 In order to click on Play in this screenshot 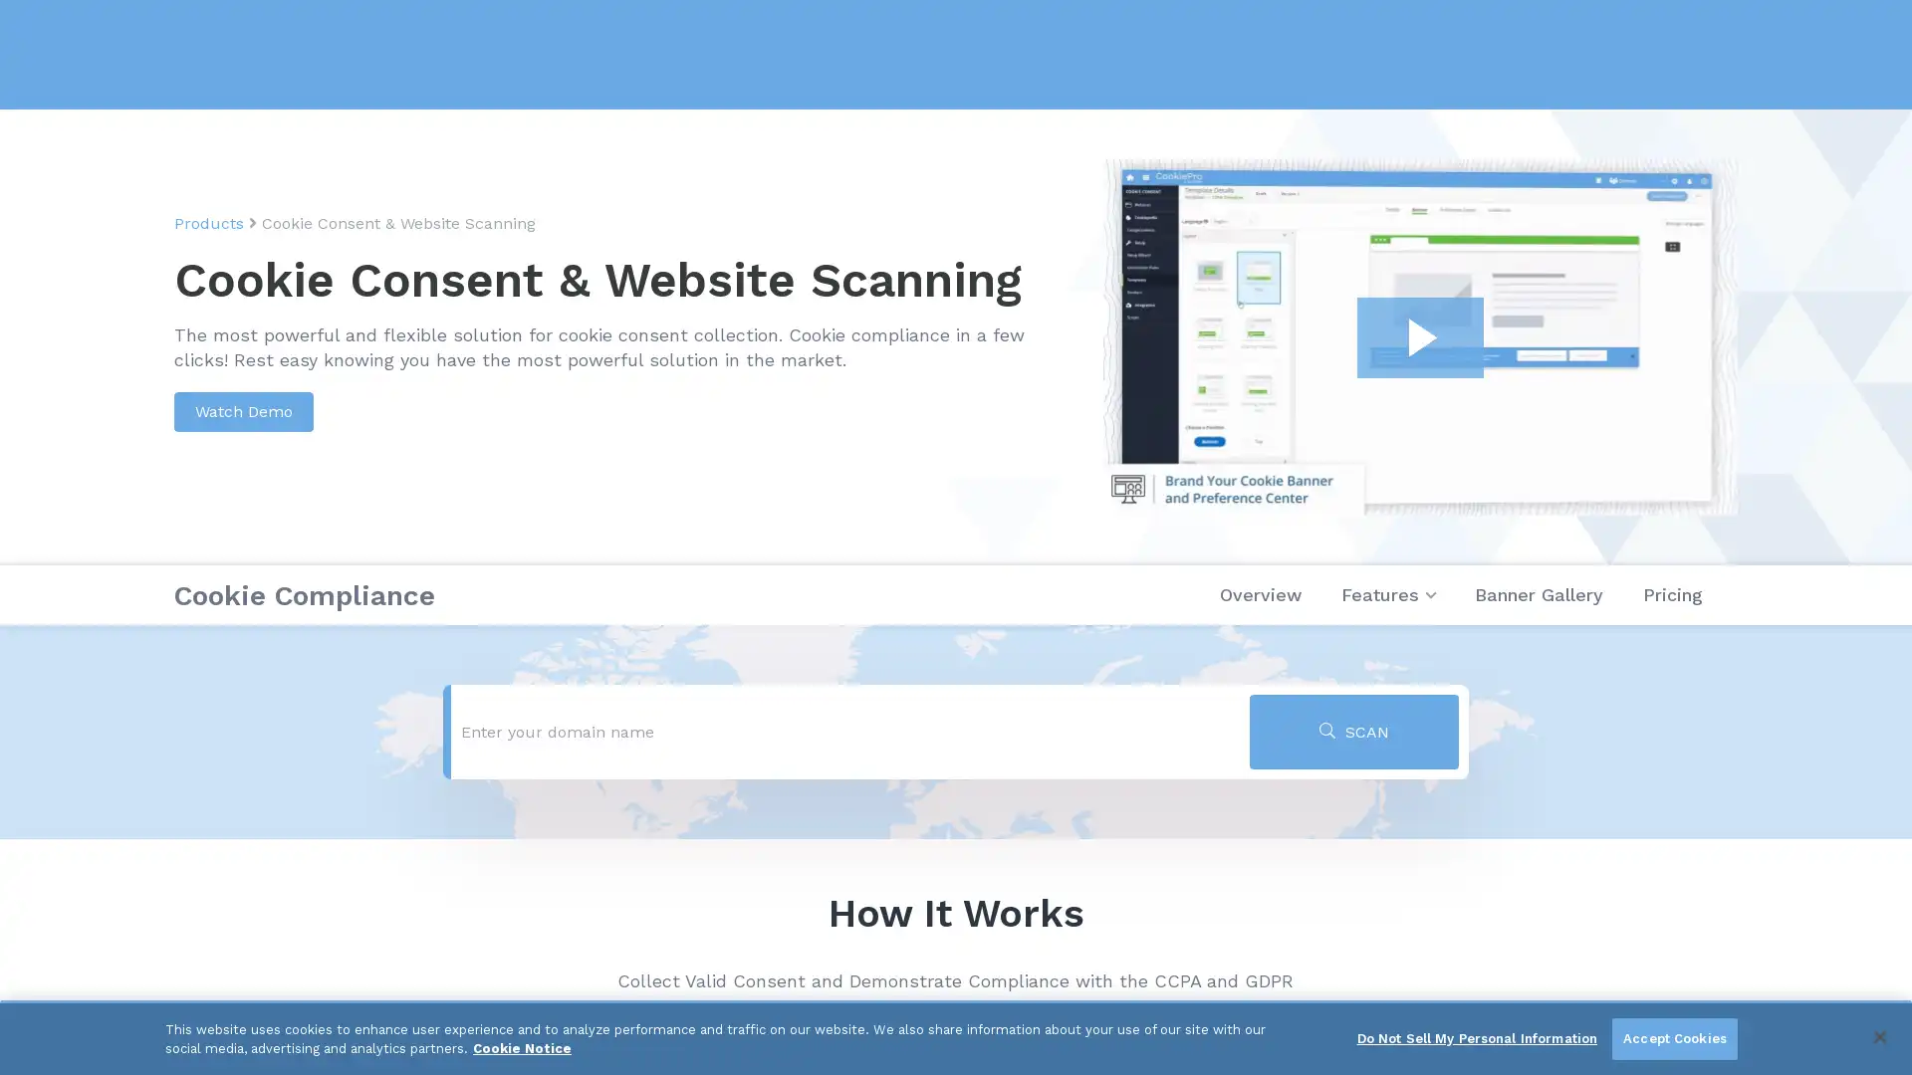, I will do `click(1419, 336)`.